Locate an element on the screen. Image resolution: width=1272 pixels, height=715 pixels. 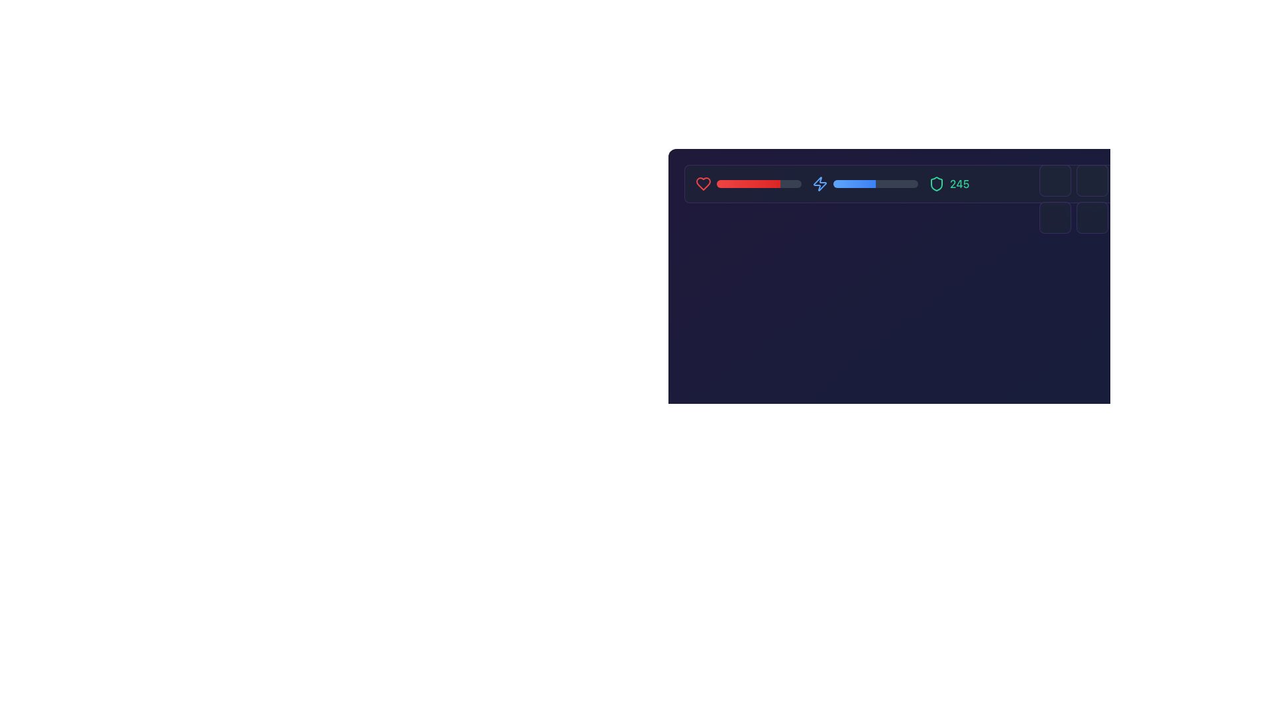
the health bar value is located at coordinates (723, 183).